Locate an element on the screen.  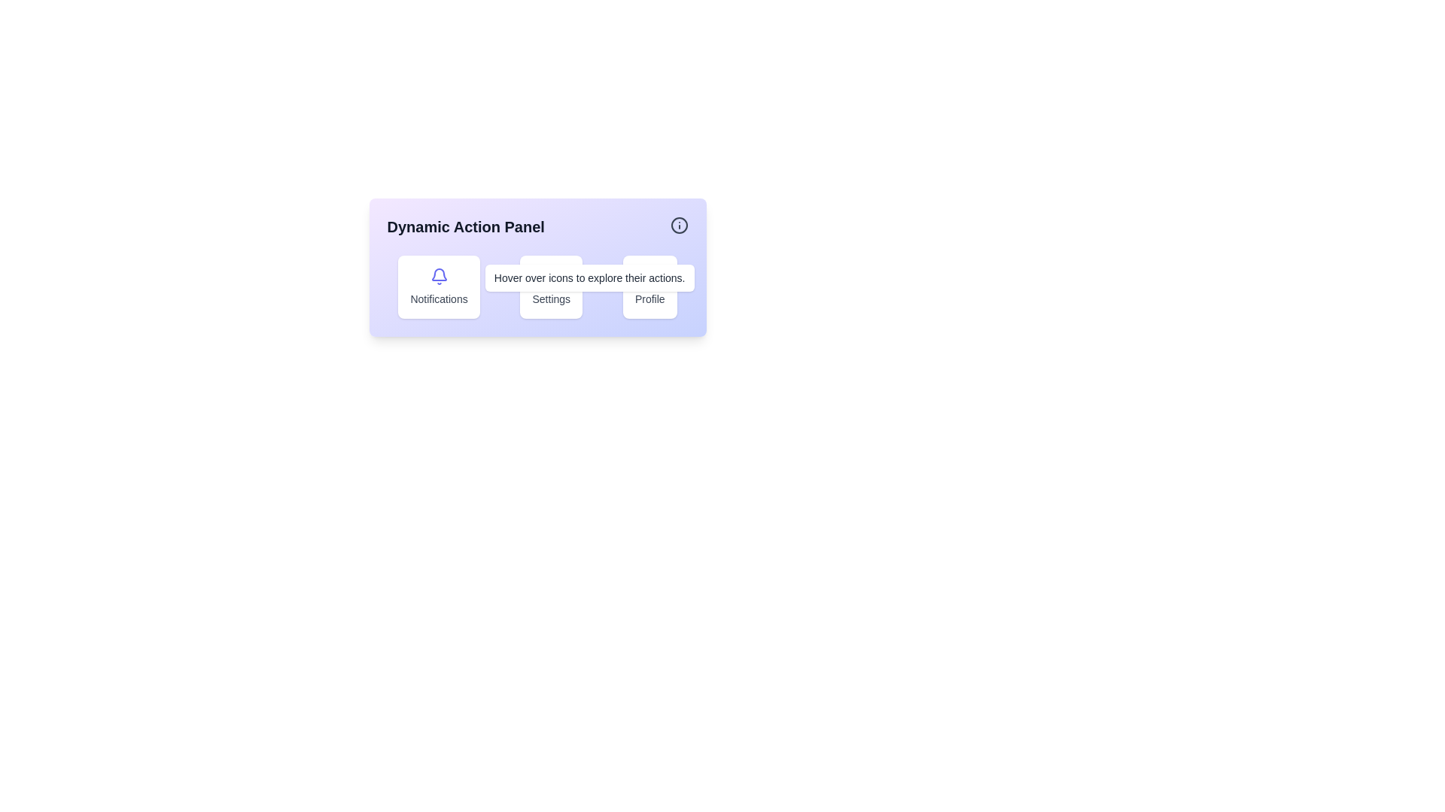
the circular icon with a dark border and white center located in the top-right corner of the 'Dynamic Action Panel' is located at coordinates (678, 226).